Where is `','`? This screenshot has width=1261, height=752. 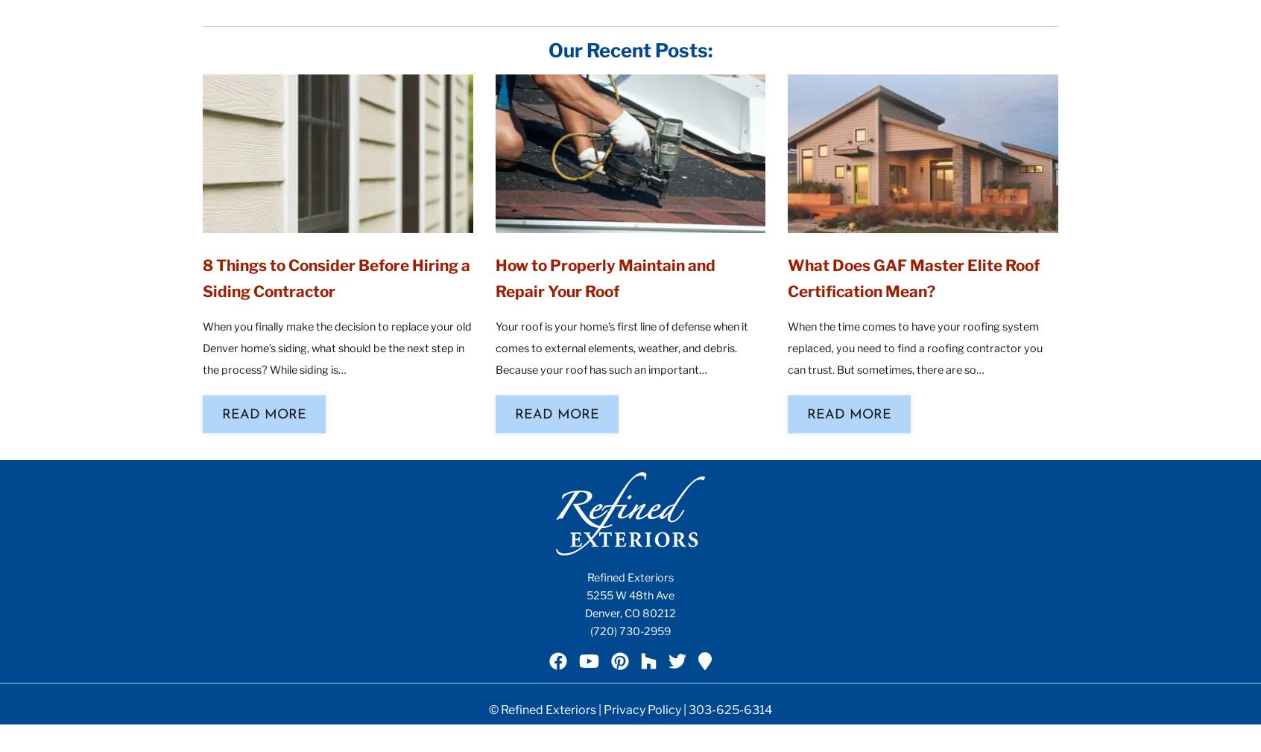
',' is located at coordinates (622, 613).